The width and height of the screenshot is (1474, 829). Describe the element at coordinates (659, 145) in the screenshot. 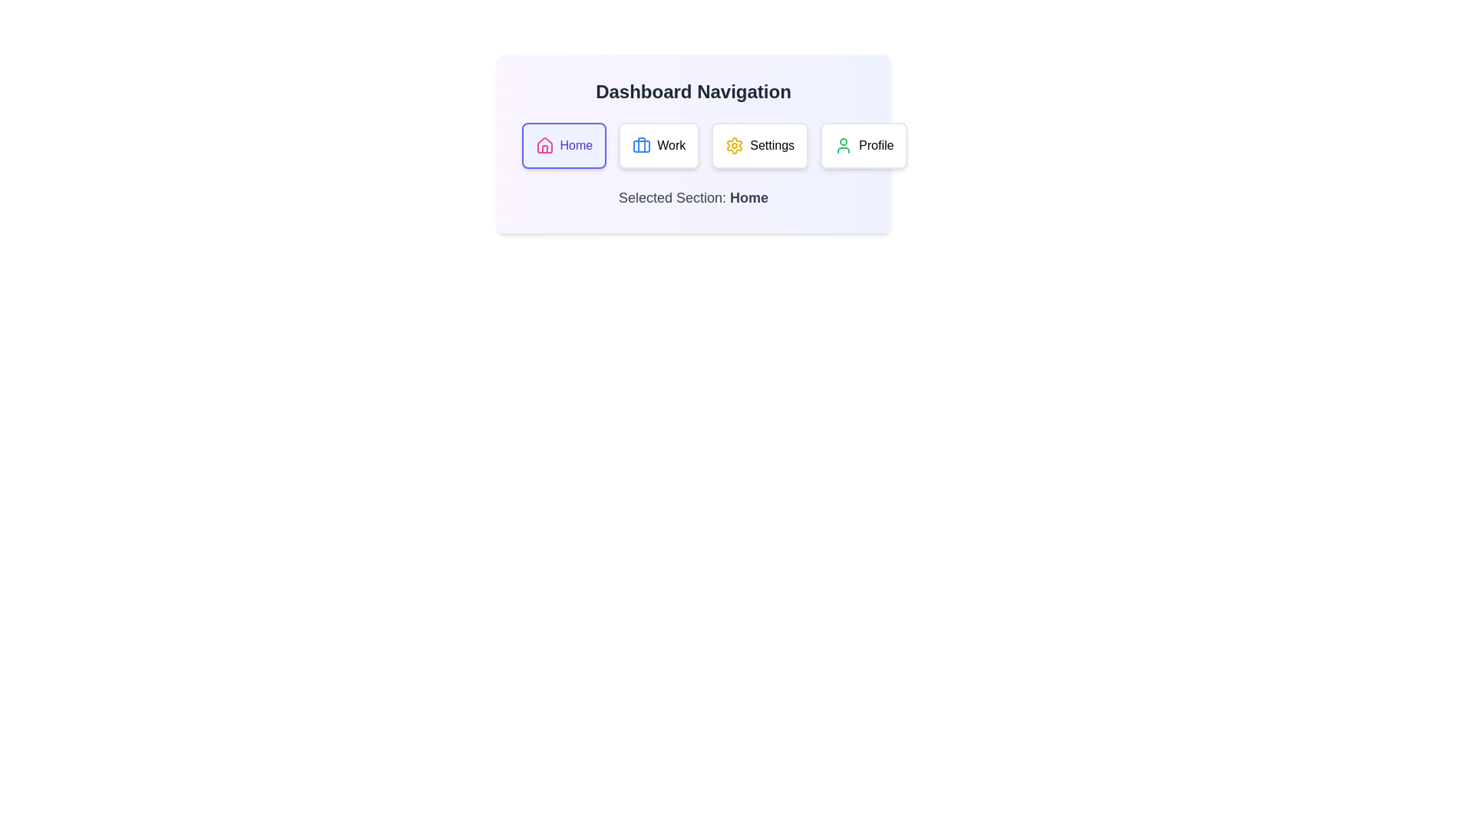

I see `the 'Work' button, which is a rectangular interactive item with a white background, slightly rounded corners, and a blue briefcase icon followed by black text, to trigger a visual effect` at that location.